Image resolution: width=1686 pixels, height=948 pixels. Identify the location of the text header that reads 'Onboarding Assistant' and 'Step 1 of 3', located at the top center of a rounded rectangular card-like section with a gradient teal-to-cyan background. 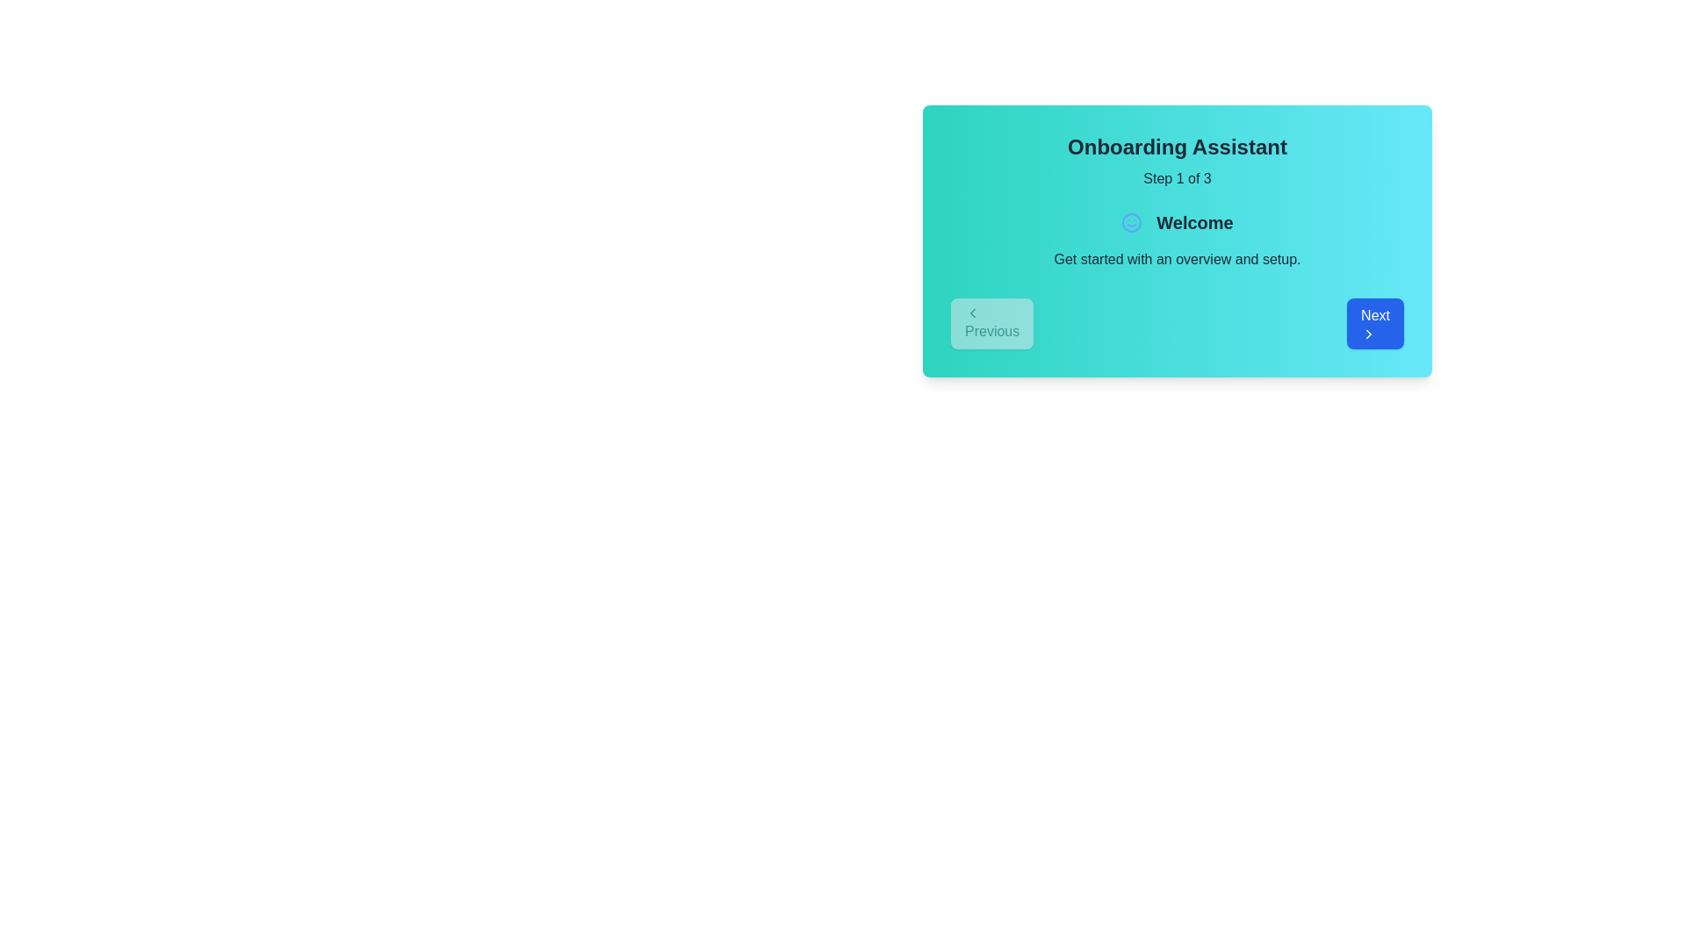
(1177, 162).